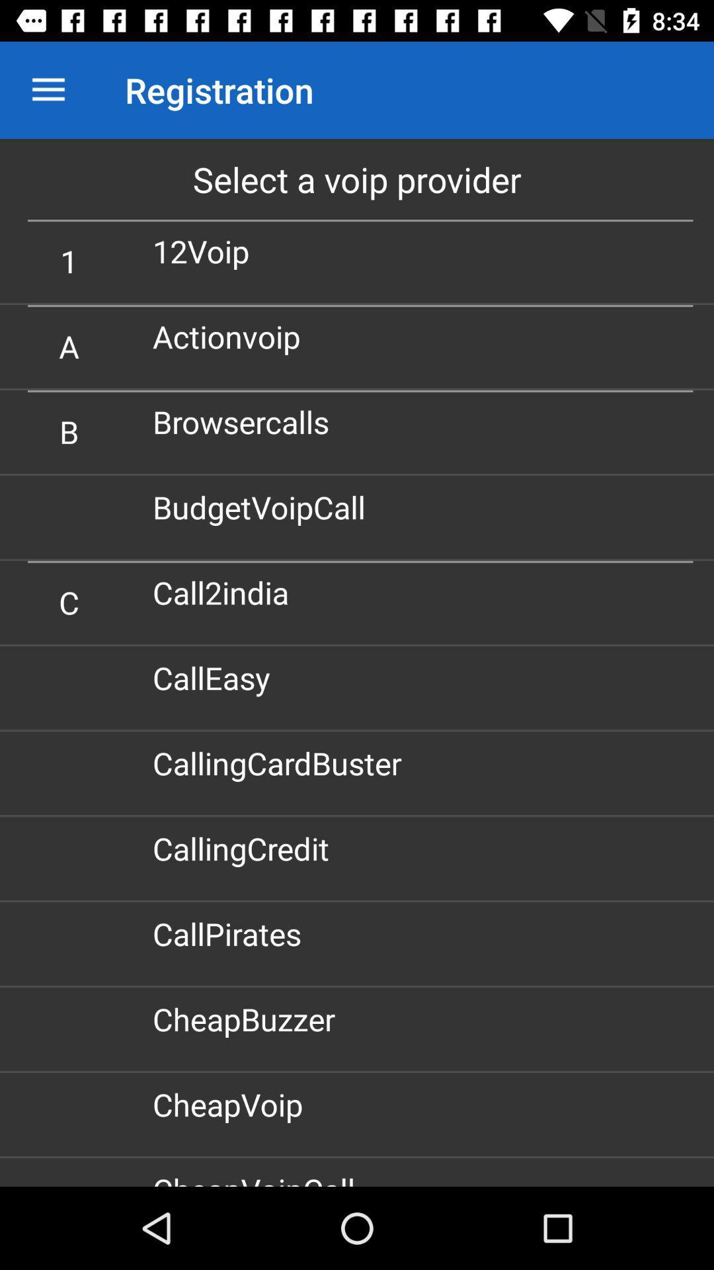 The height and width of the screenshot is (1270, 714). What do you see at coordinates (264, 506) in the screenshot?
I see `the budgetvoipcall` at bounding box center [264, 506].